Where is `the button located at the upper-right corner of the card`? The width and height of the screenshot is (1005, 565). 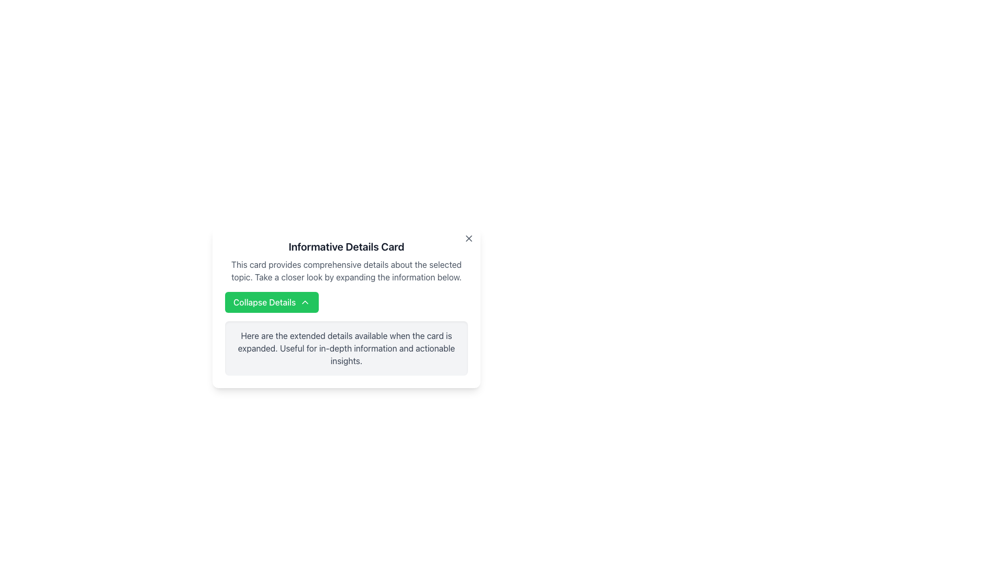
the button located at the upper-right corner of the card is located at coordinates (468, 238).